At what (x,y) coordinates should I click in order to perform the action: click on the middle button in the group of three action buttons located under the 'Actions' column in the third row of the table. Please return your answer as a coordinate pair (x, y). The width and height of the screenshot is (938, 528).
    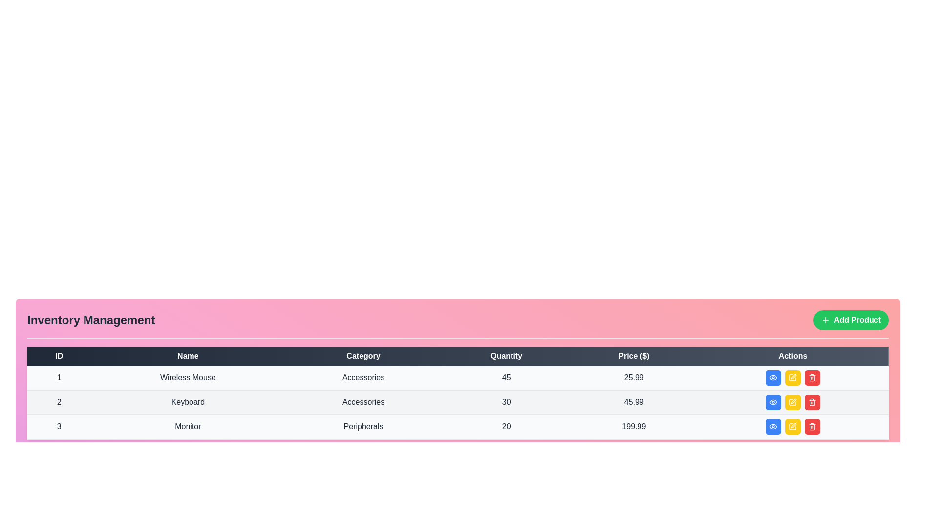
    Looking at the image, I should click on (793, 426).